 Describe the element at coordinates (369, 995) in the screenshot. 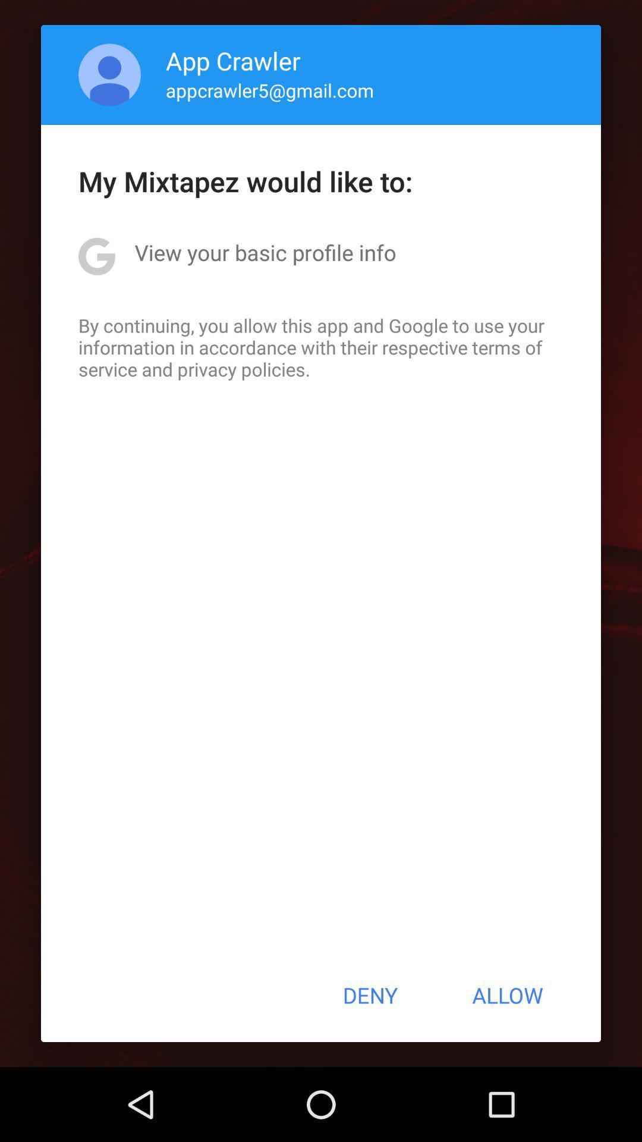

I see `icon to the left of the allow icon` at that location.